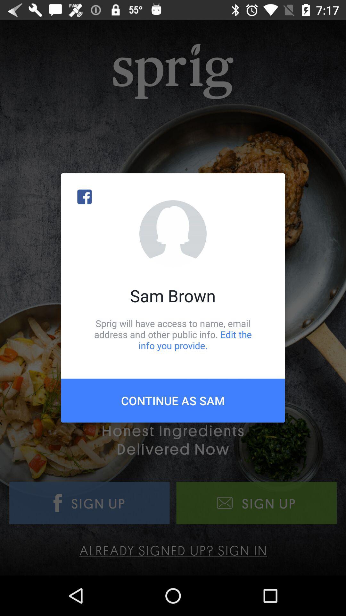 The height and width of the screenshot is (616, 346). What do you see at coordinates (173, 334) in the screenshot?
I see `the item above the continue as sam item` at bounding box center [173, 334].